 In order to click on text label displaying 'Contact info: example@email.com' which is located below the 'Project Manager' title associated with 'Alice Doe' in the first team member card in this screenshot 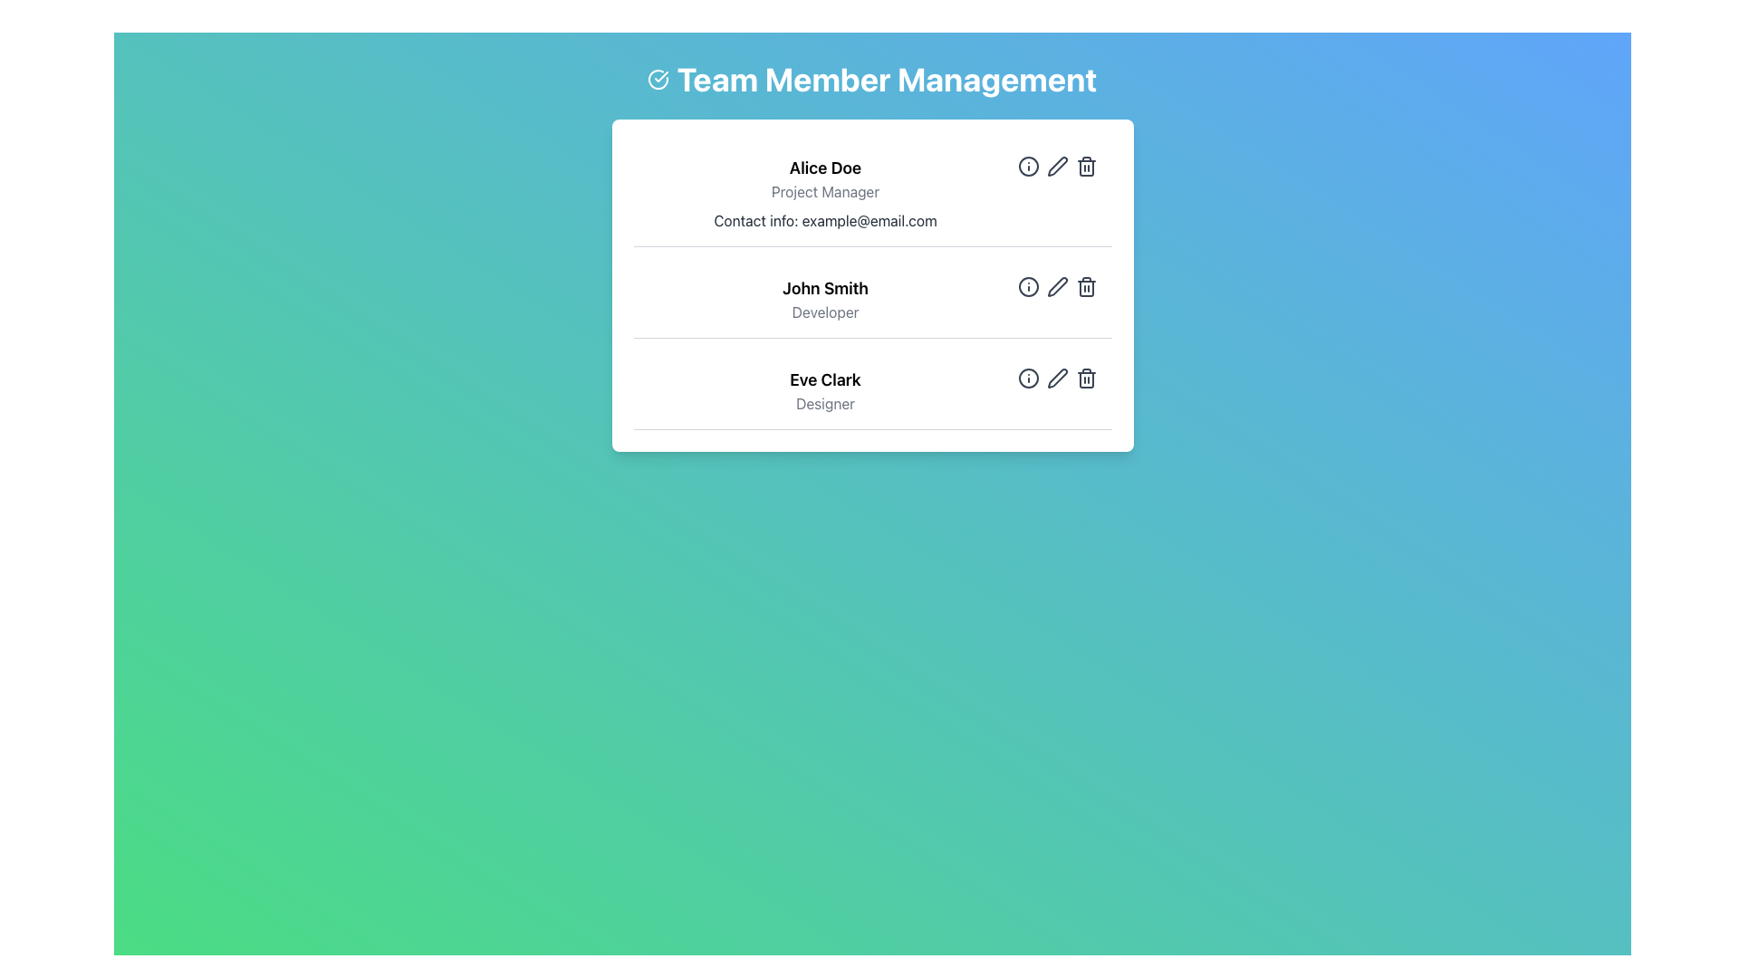, I will do `click(824, 219)`.